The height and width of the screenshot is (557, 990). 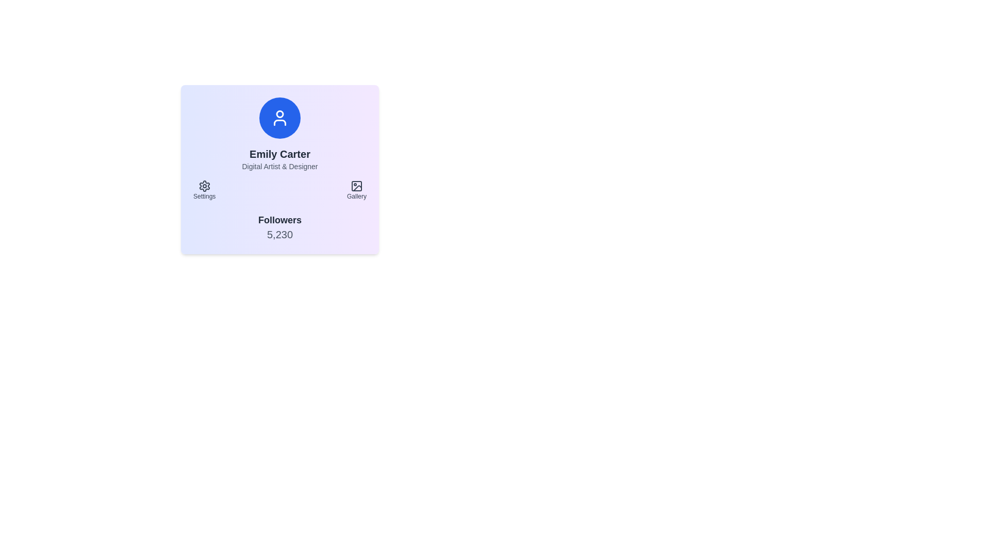 I want to click on the avatar which is a circular, blue background with a white contour design symbolizing a person, located centrally above the text 'Emily Carter' in the card layout, so click(x=279, y=117).